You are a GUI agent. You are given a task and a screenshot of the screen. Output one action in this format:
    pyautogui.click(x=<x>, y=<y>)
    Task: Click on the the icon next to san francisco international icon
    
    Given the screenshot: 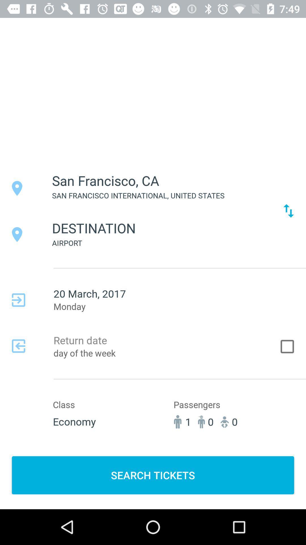 What is the action you would take?
    pyautogui.click(x=288, y=210)
    